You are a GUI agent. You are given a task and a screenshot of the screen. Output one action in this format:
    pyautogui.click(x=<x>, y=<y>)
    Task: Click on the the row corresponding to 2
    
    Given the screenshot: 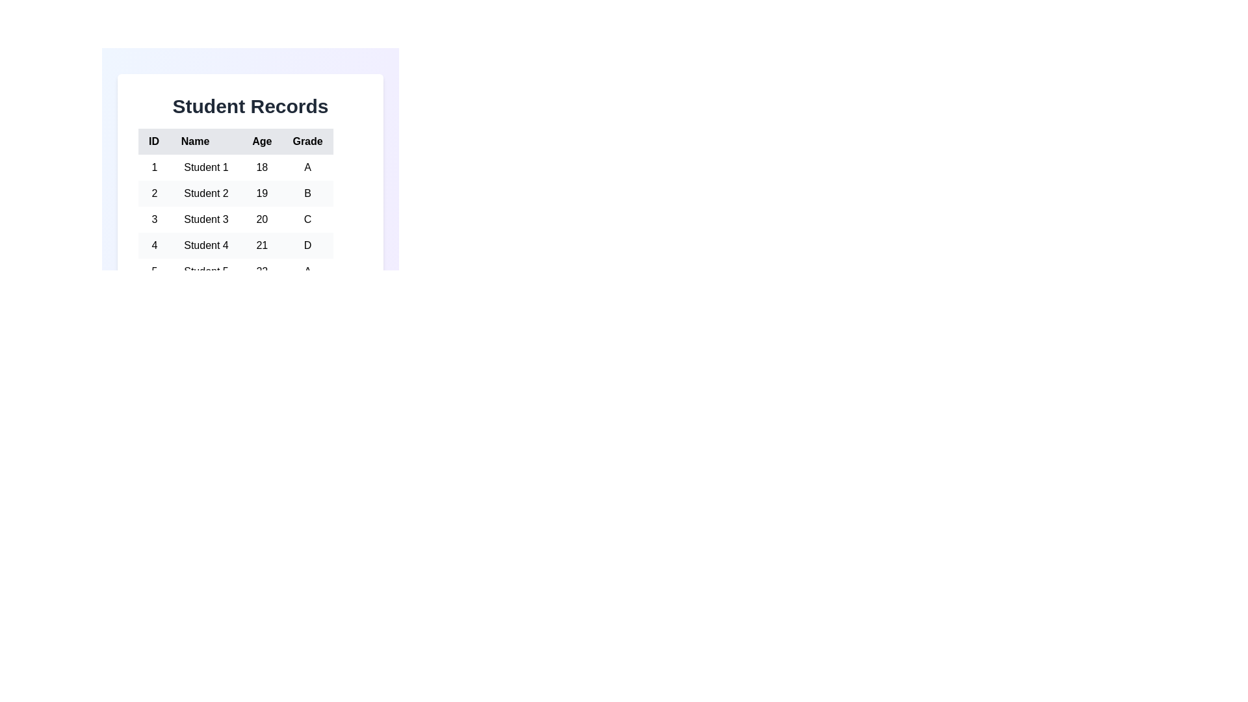 What is the action you would take?
    pyautogui.click(x=235, y=193)
    